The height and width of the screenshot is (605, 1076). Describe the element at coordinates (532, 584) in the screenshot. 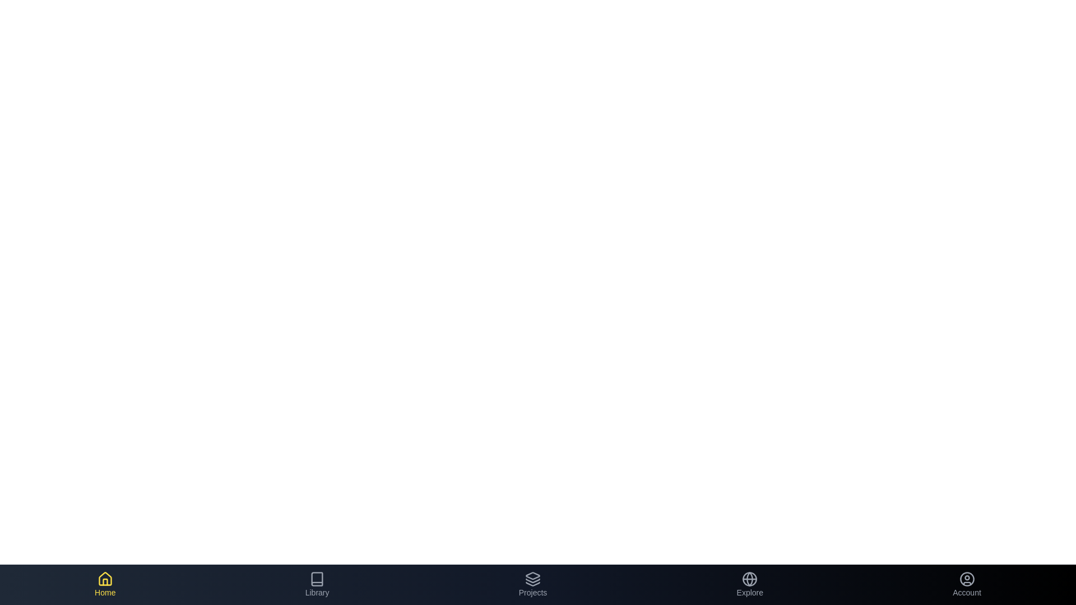

I see `the Projects tab to see the hover effect` at that location.